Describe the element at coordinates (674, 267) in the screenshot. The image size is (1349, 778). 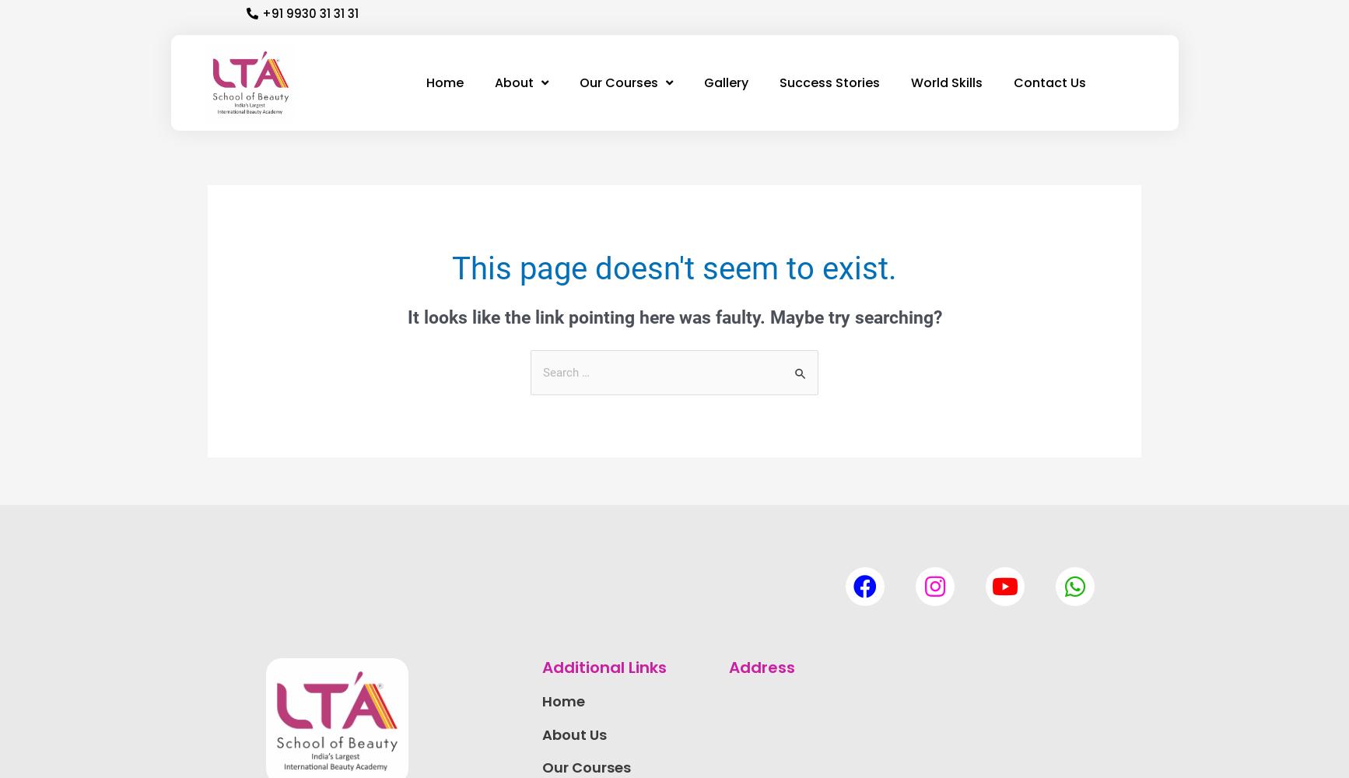
I see `'This page doesn't seem to exist.'` at that location.